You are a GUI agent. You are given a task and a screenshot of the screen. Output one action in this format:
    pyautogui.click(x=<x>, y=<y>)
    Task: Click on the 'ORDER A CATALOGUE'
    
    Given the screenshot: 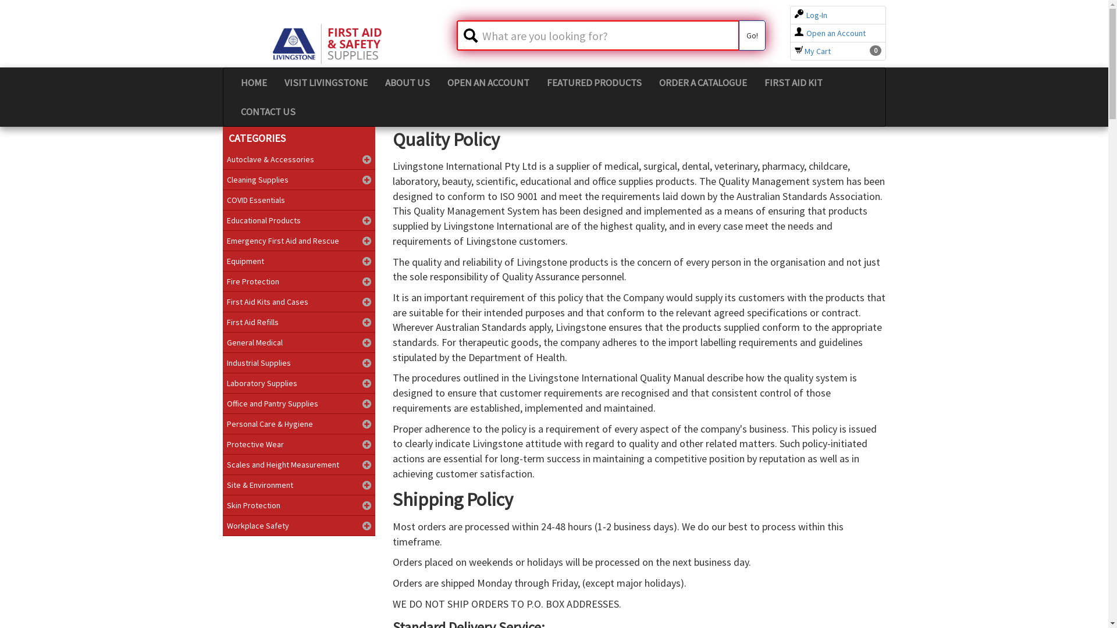 What is the action you would take?
    pyautogui.click(x=702, y=82)
    